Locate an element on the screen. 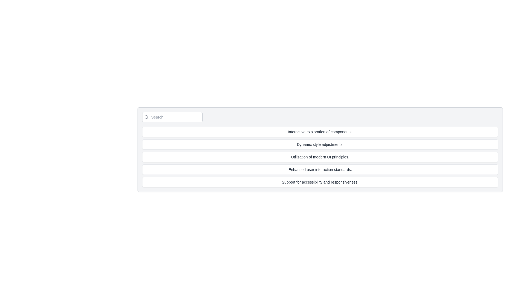  the letter 'o' in the word 'modern' within the text 'Utilization of modern UI principles.' is located at coordinates (310, 157).